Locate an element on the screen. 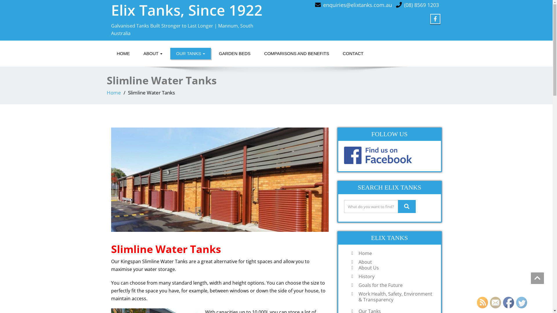  'Facebook' is located at coordinates (508, 302).